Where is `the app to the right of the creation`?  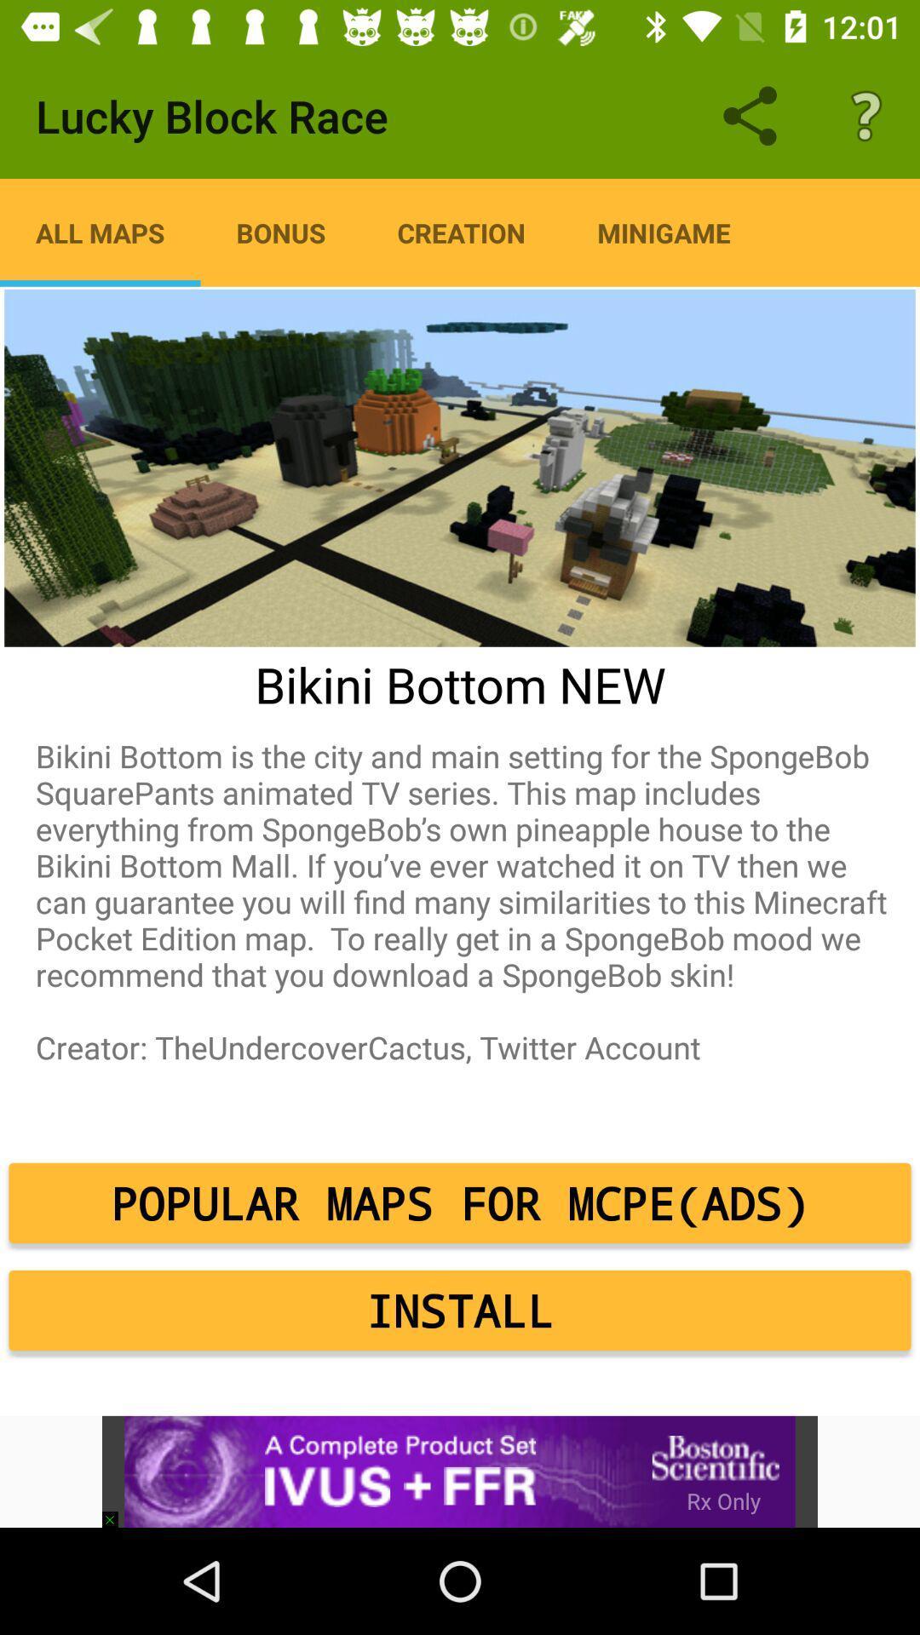
the app to the right of the creation is located at coordinates (663, 232).